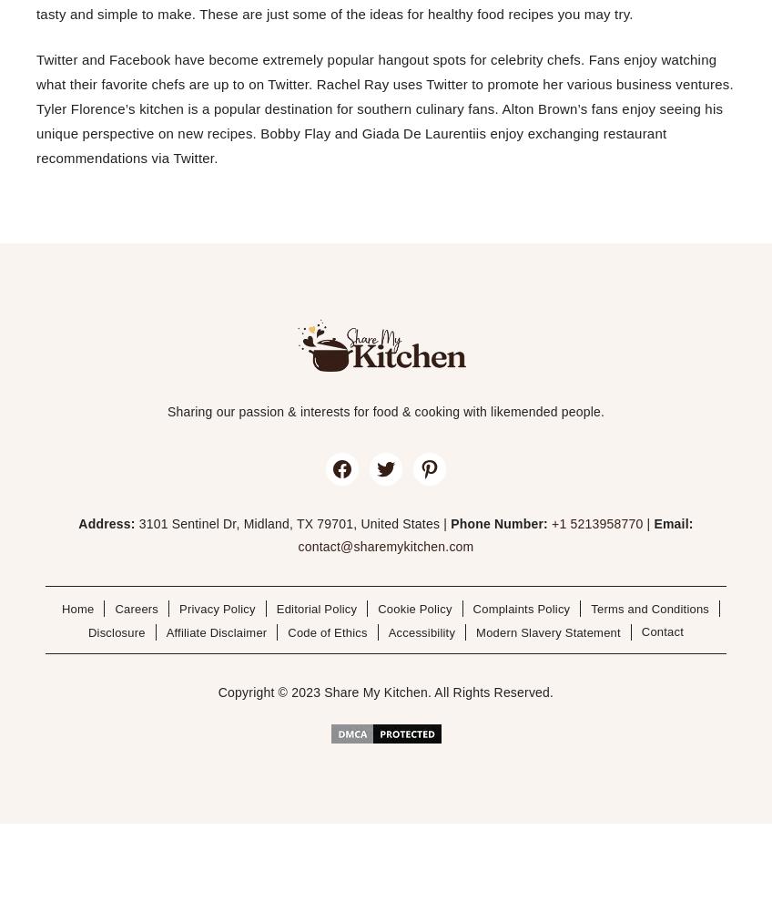 The image size is (772, 913). What do you see at coordinates (115, 631) in the screenshot?
I see `'Disclosure'` at bounding box center [115, 631].